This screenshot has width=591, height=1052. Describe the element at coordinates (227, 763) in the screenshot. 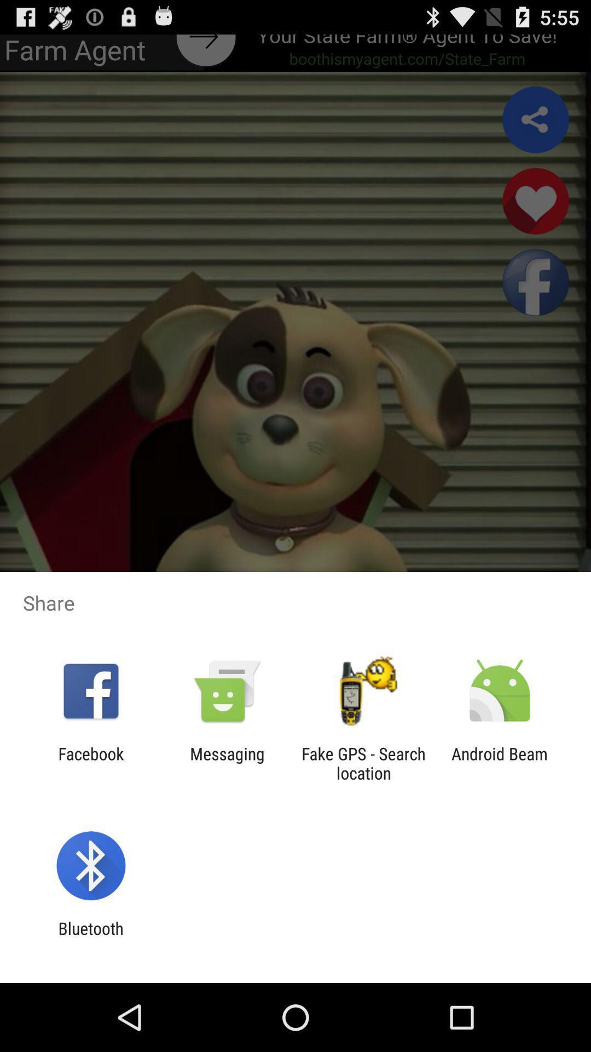

I see `the app next to the facebook item` at that location.